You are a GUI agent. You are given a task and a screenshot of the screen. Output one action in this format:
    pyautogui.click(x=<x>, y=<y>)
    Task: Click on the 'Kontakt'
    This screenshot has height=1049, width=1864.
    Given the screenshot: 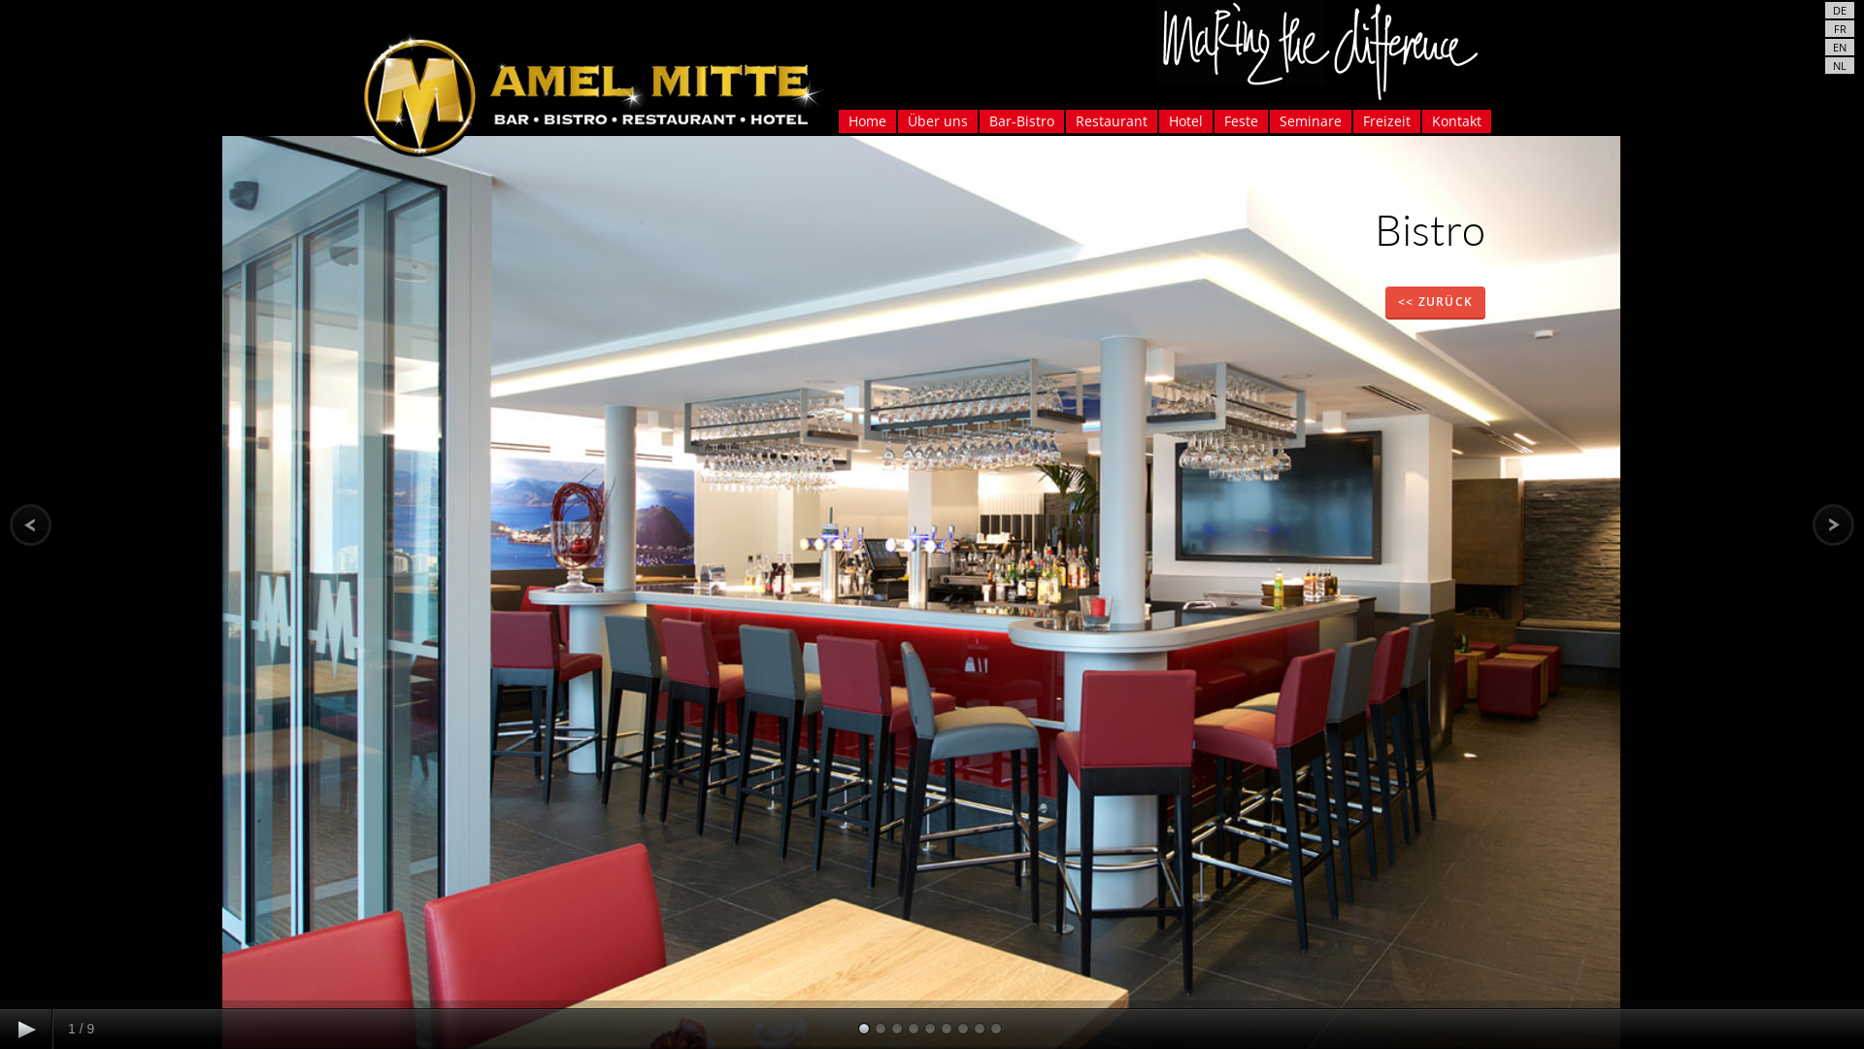 What is the action you would take?
    pyautogui.click(x=1455, y=120)
    